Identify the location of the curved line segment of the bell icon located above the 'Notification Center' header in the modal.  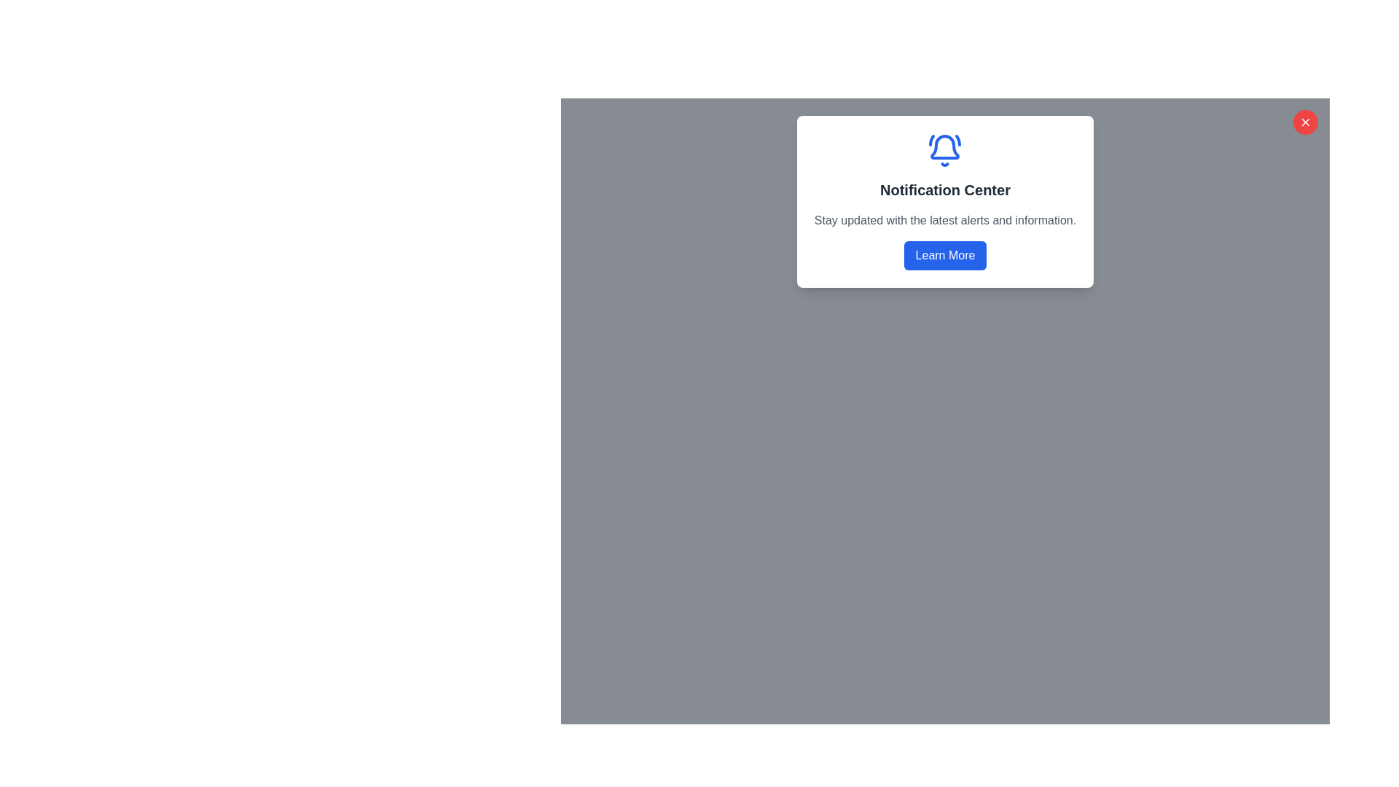
(958, 140).